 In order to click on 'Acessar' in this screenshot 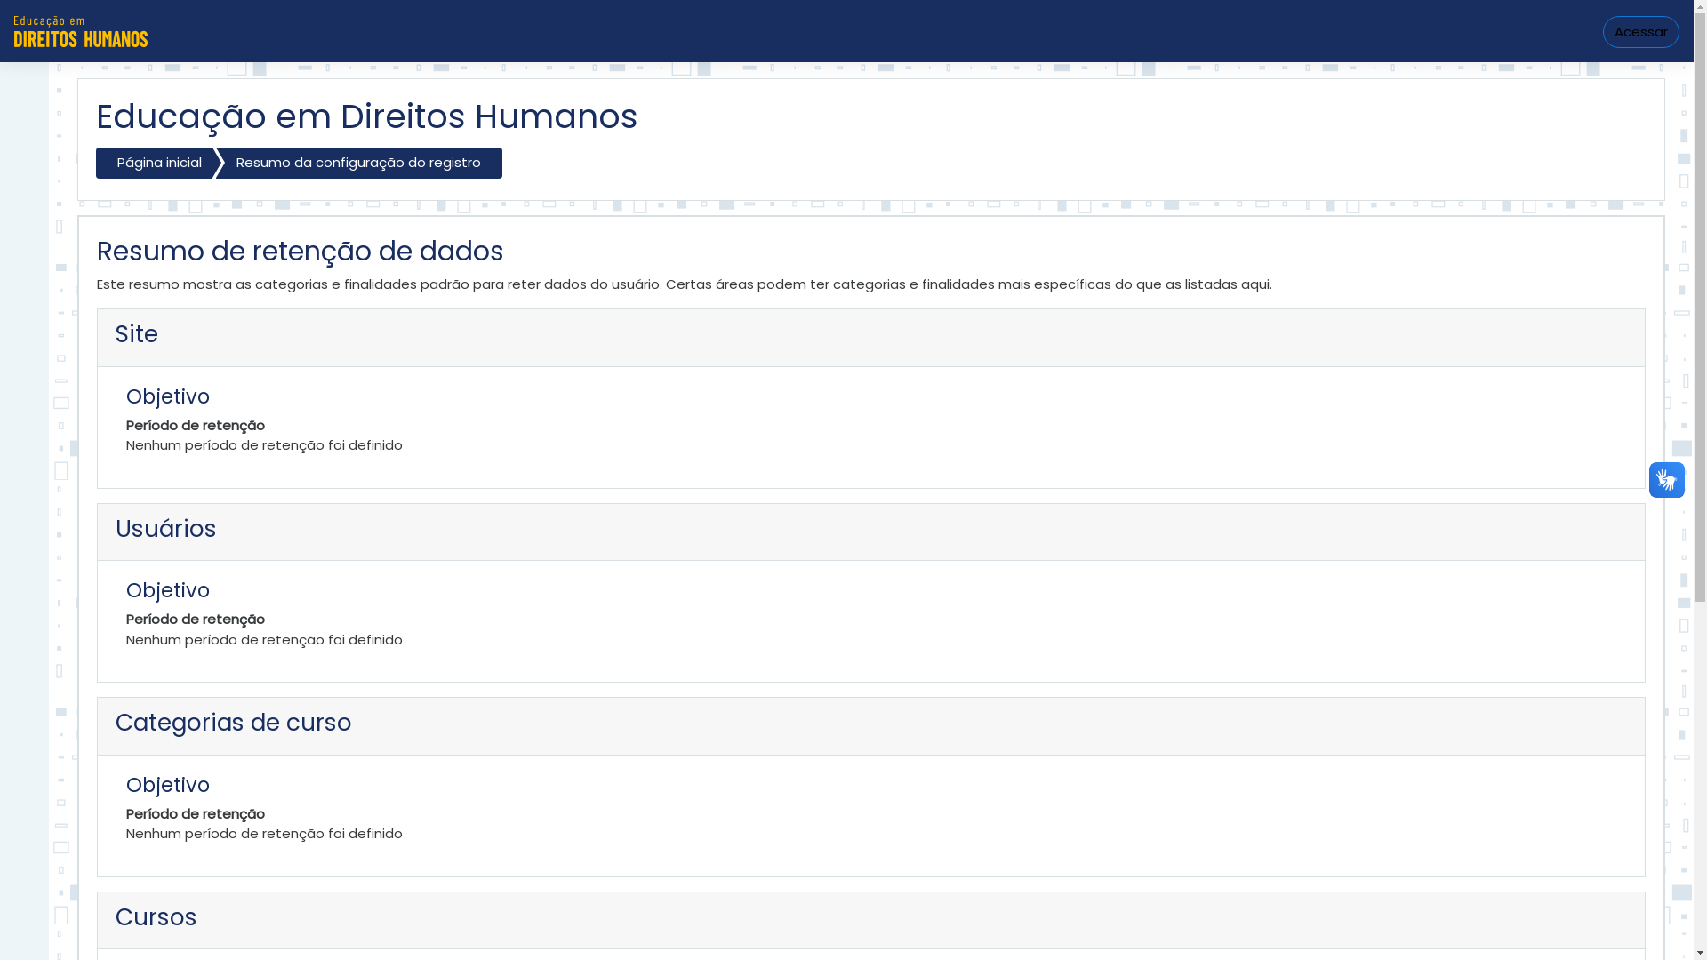, I will do `click(1640, 32)`.